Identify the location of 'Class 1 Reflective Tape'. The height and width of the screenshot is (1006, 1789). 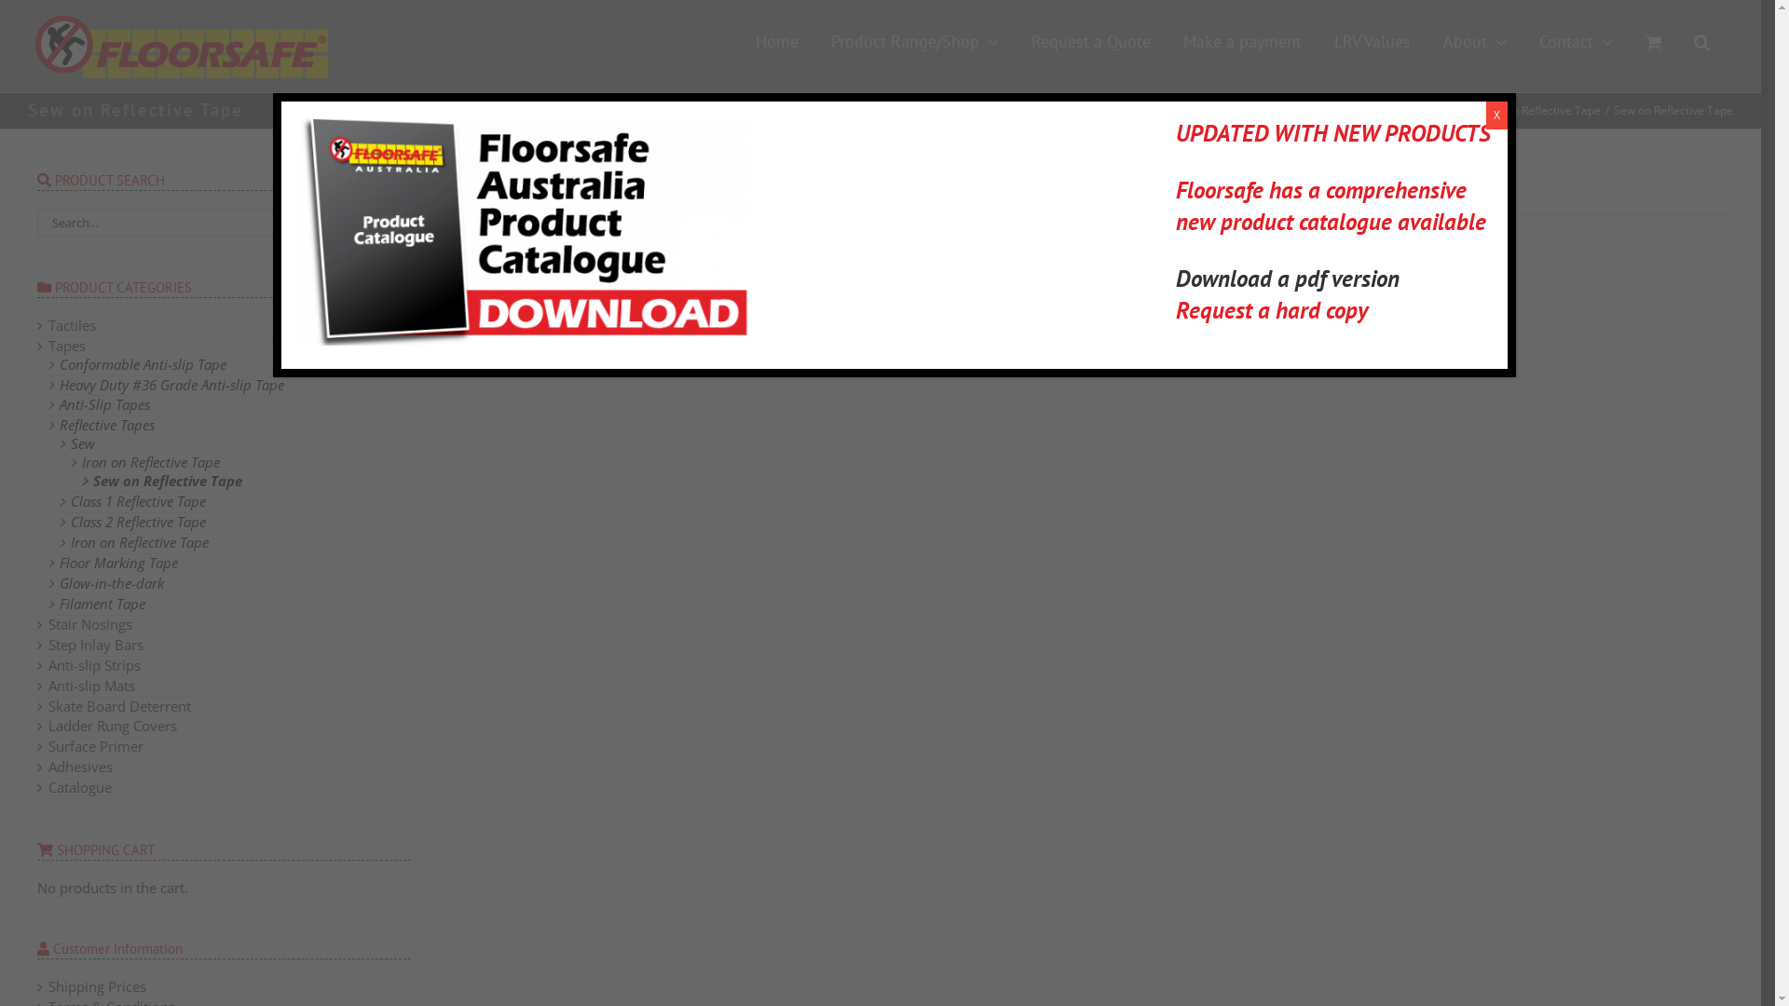
(137, 499).